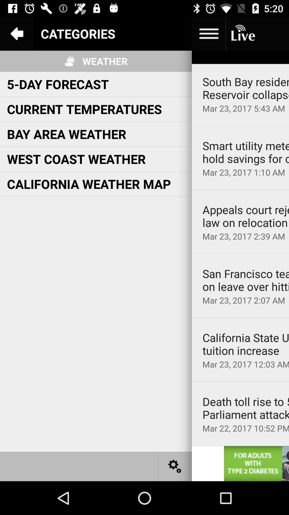  Describe the element at coordinates (242, 33) in the screenshot. I see `go live` at that location.